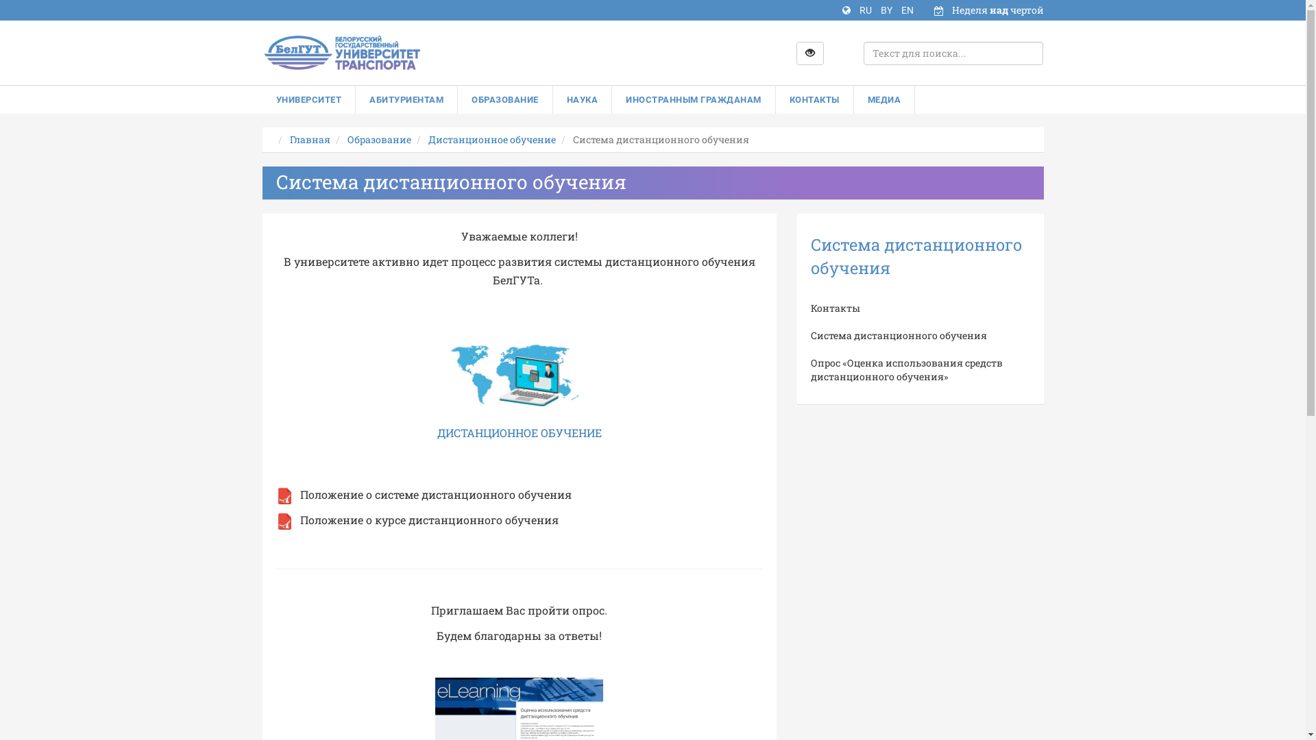 The width and height of the screenshot is (1316, 740). What do you see at coordinates (866, 10) in the screenshot?
I see `'RU'` at bounding box center [866, 10].